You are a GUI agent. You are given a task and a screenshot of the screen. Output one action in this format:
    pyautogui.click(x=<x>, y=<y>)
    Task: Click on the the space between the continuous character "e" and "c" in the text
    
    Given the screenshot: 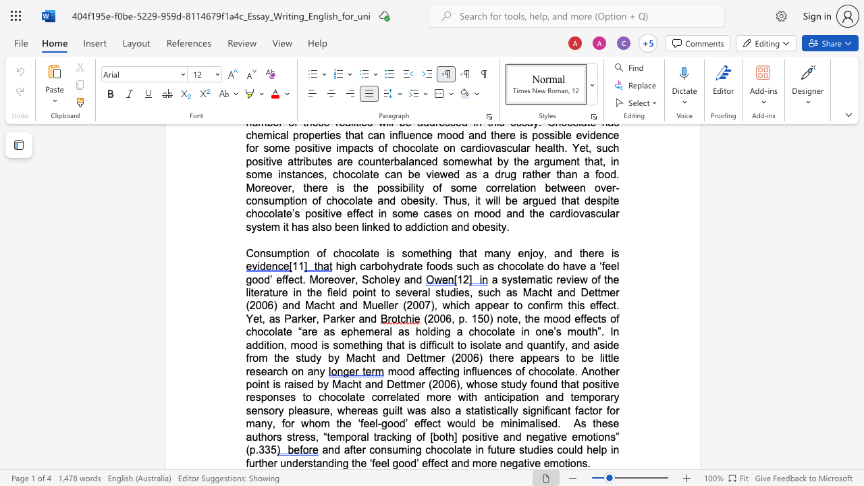 What is the action you would take?
    pyautogui.click(x=439, y=462)
    